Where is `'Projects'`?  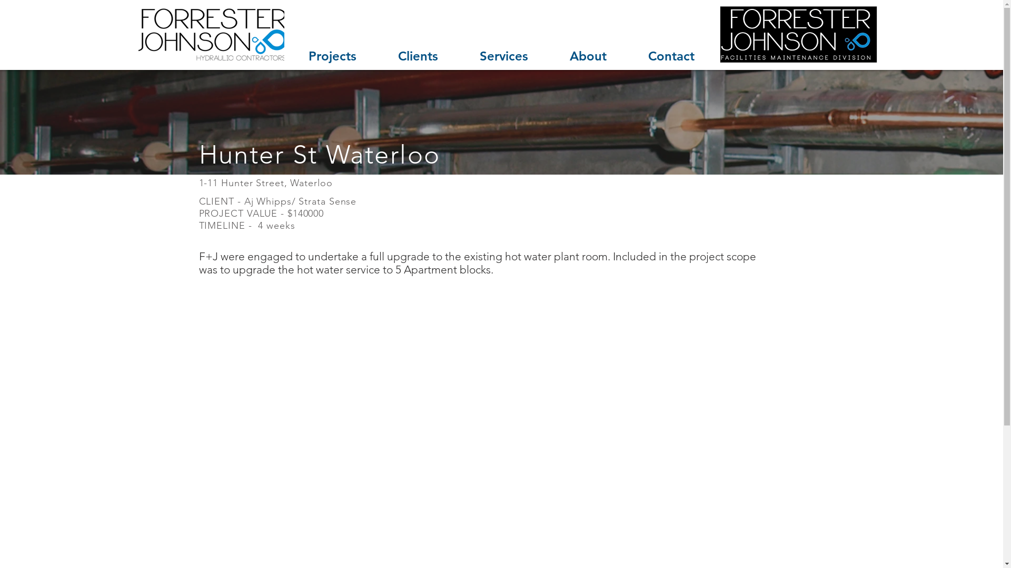 'Projects' is located at coordinates (288, 56).